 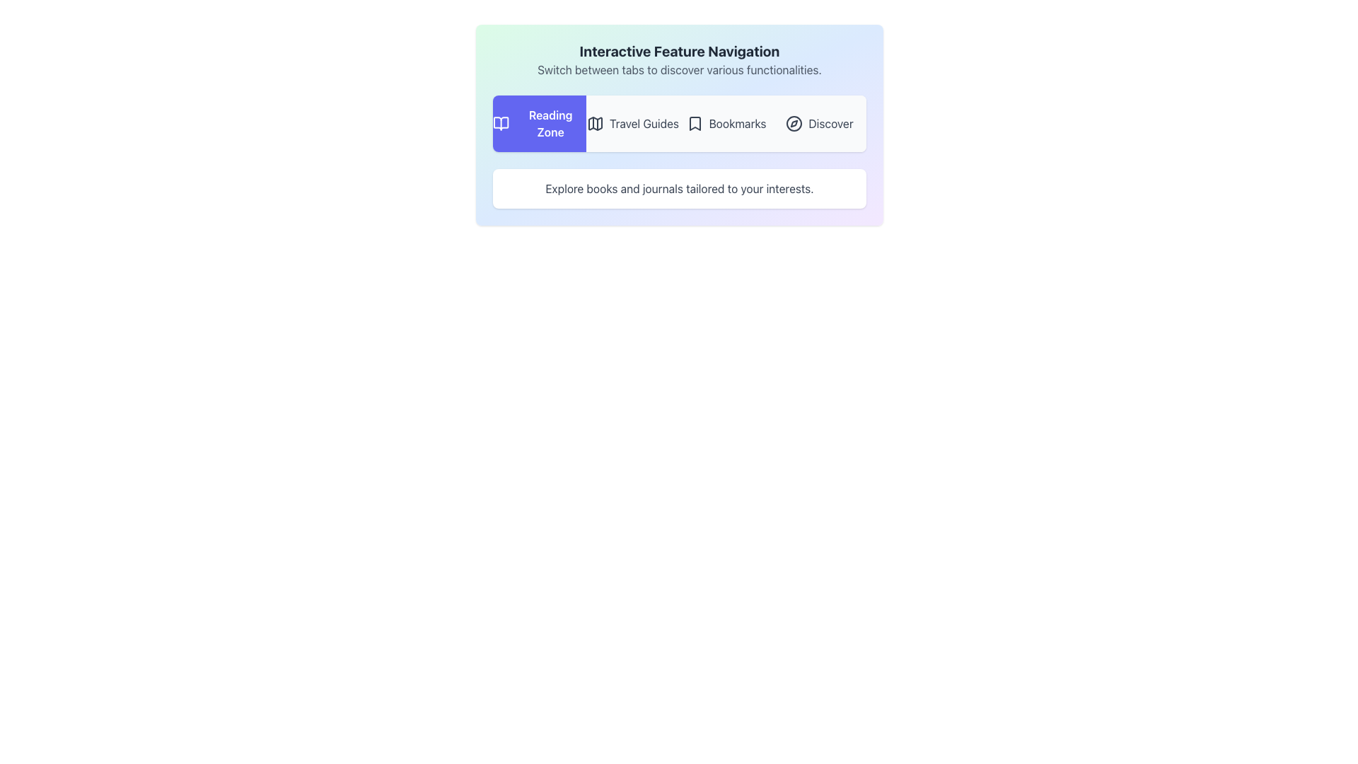 I want to click on the text label displaying 'Explore books and journals tailored to your interests.' which is styled in gray and located within a white rounded rectangle below the navigation tabs, so click(x=679, y=187).